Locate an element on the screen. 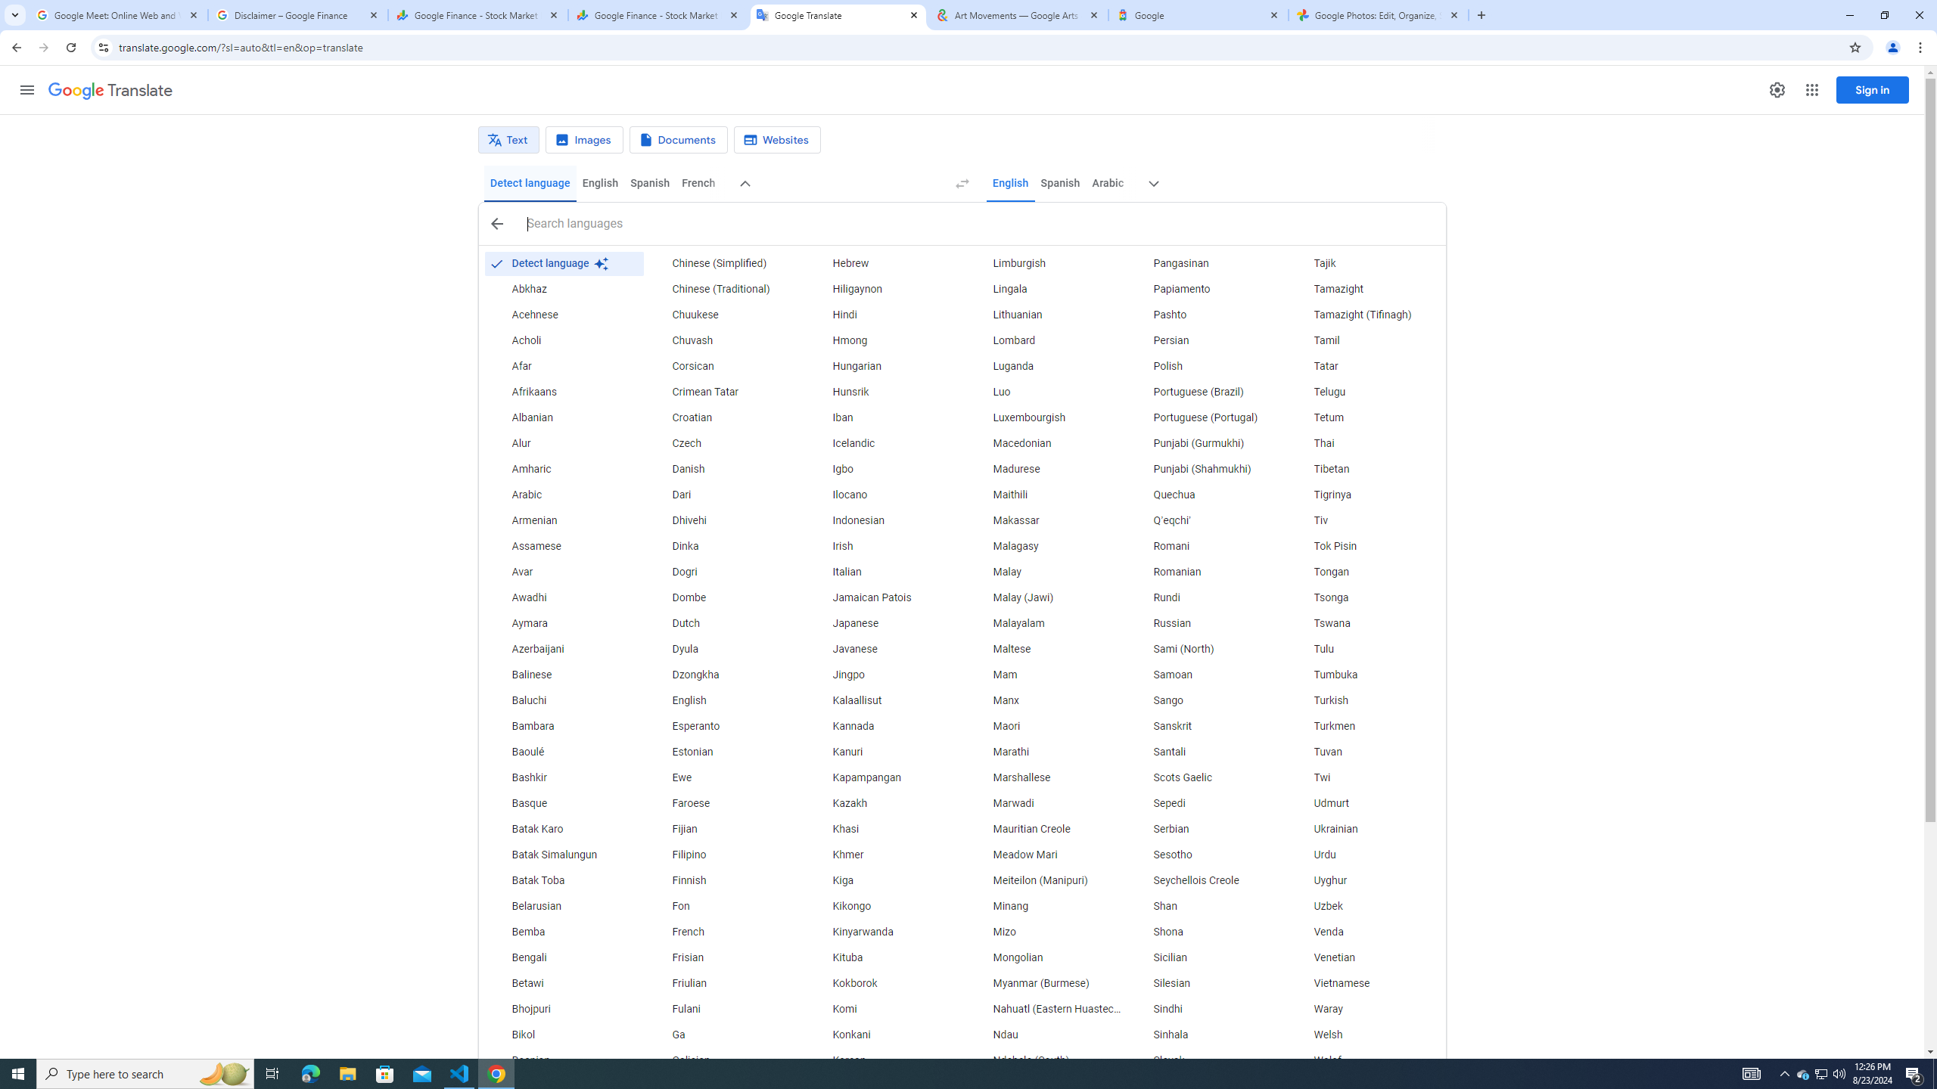 Image resolution: width=1937 pixels, height=1089 pixels. 'Silesian' is located at coordinates (1205, 984).